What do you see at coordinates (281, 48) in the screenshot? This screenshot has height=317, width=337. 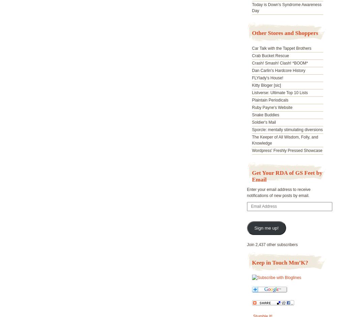 I see `'Car Talk with the Tappet Brothers'` at bounding box center [281, 48].